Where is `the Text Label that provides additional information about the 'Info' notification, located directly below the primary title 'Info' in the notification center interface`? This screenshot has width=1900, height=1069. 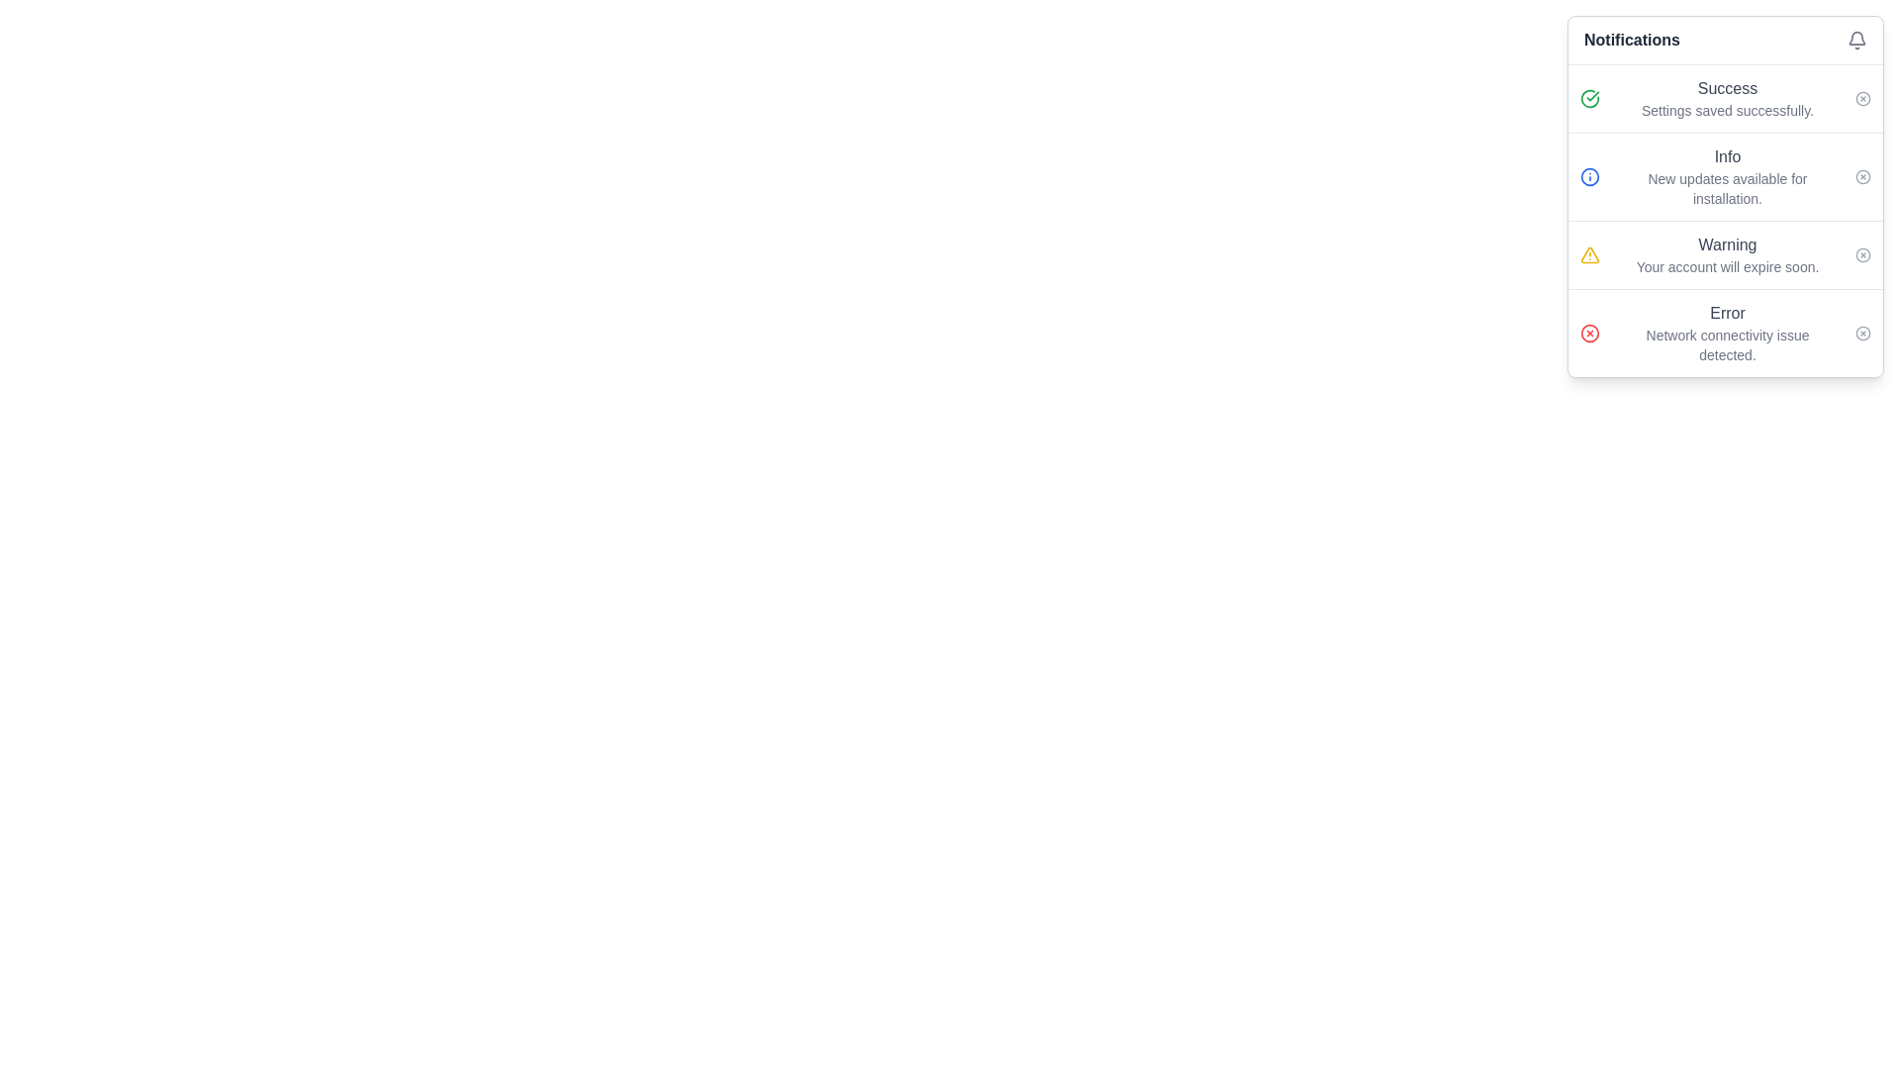
the Text Label that provides additional information about the 'Info' notification, located directly below the primary title 'Info' in the notification center interface is located at coordinates (1727, 189).